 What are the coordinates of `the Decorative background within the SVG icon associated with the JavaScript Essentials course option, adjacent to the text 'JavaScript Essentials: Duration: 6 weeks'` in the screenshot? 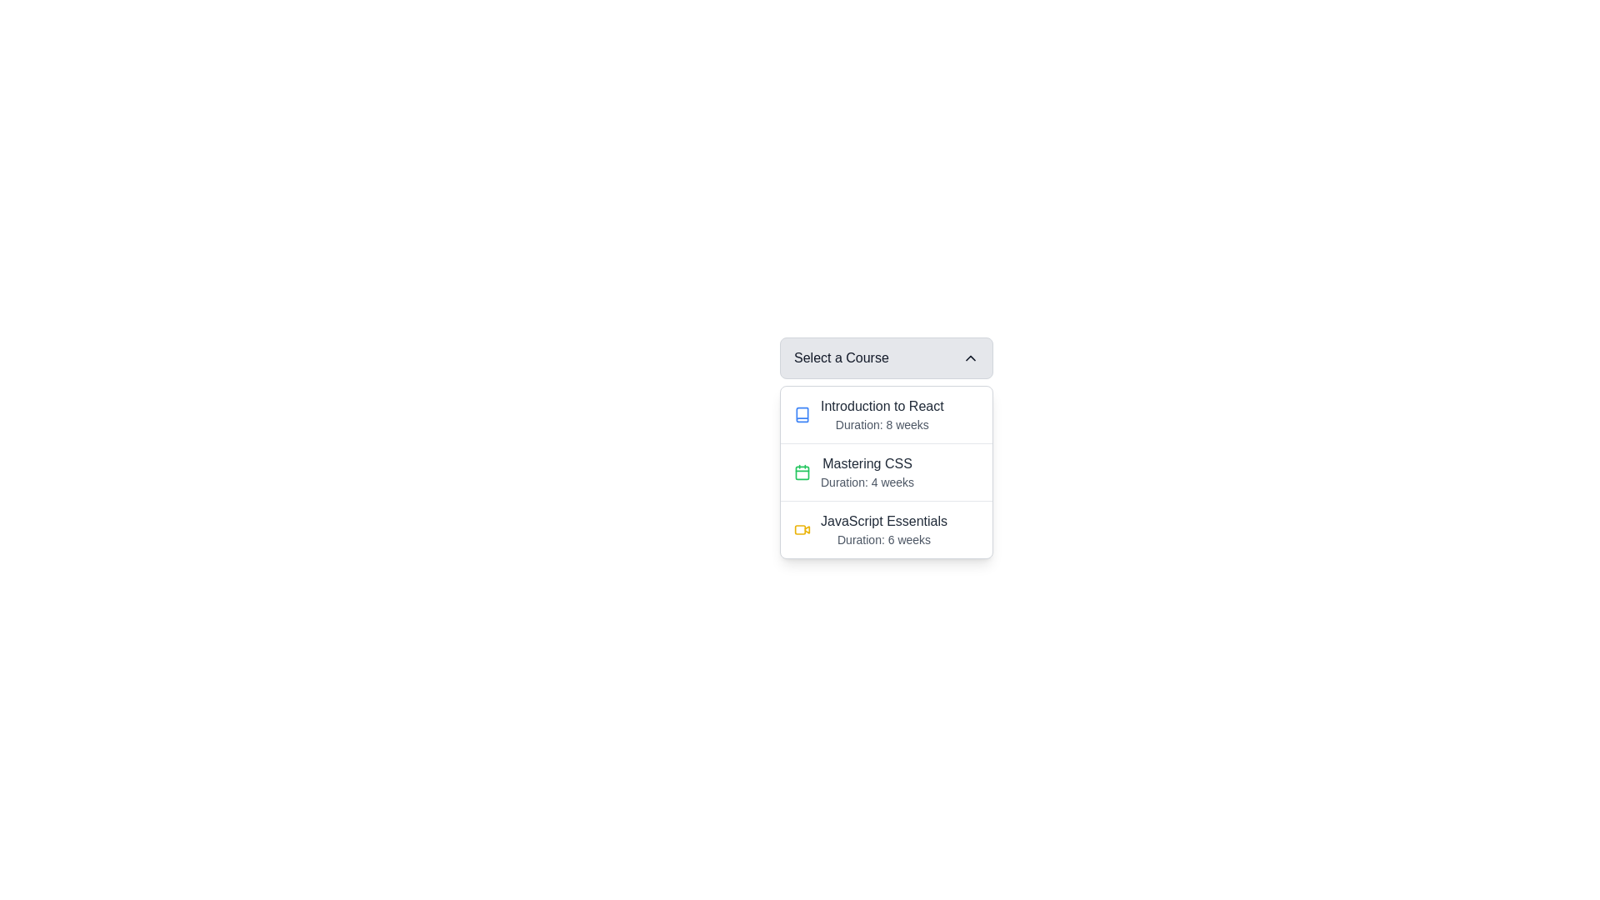 It's located at (800, 530).